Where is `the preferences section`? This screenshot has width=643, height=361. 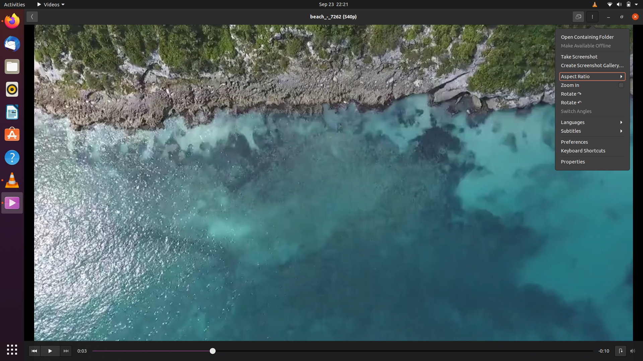
the preferences section is located at coordinates (593, 141).